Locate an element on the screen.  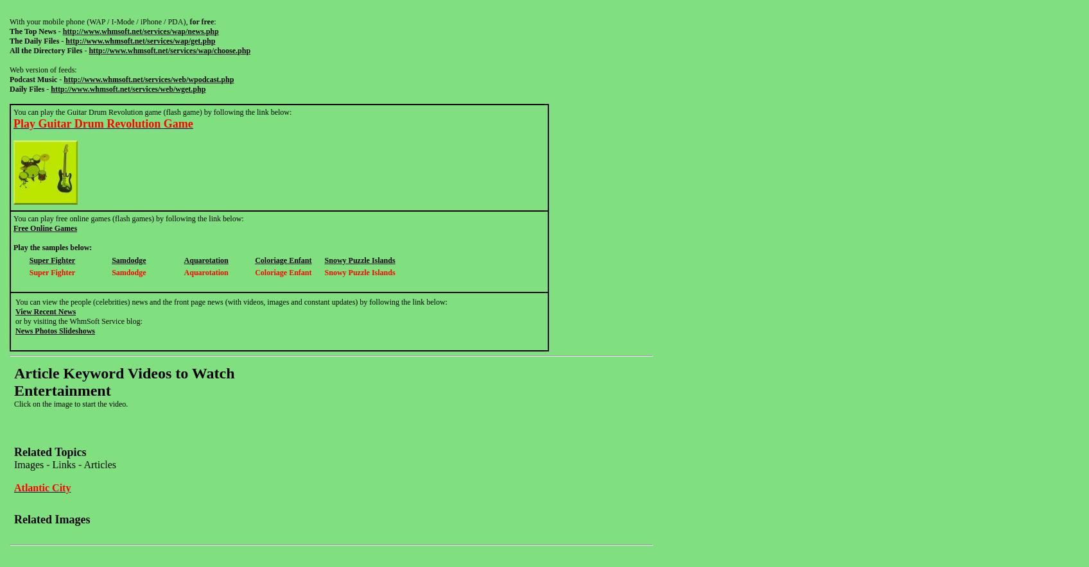
'Play Guitar Drum Revolution Game' is located at coordinates (103, 123).